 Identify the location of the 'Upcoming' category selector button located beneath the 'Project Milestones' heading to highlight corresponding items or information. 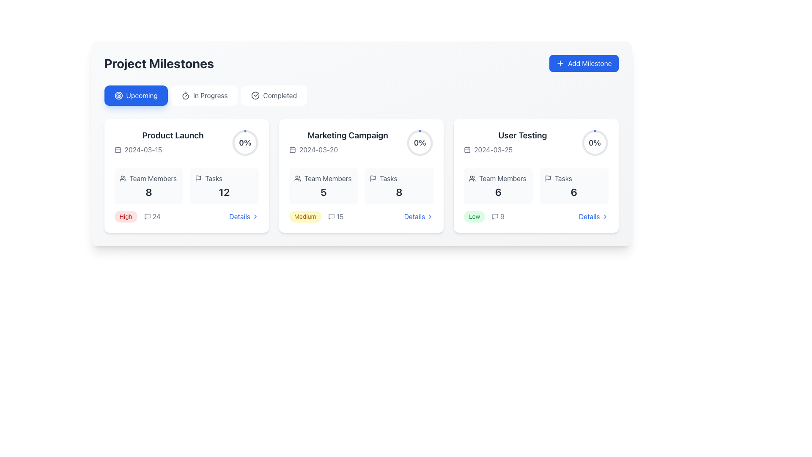
(136, 95).